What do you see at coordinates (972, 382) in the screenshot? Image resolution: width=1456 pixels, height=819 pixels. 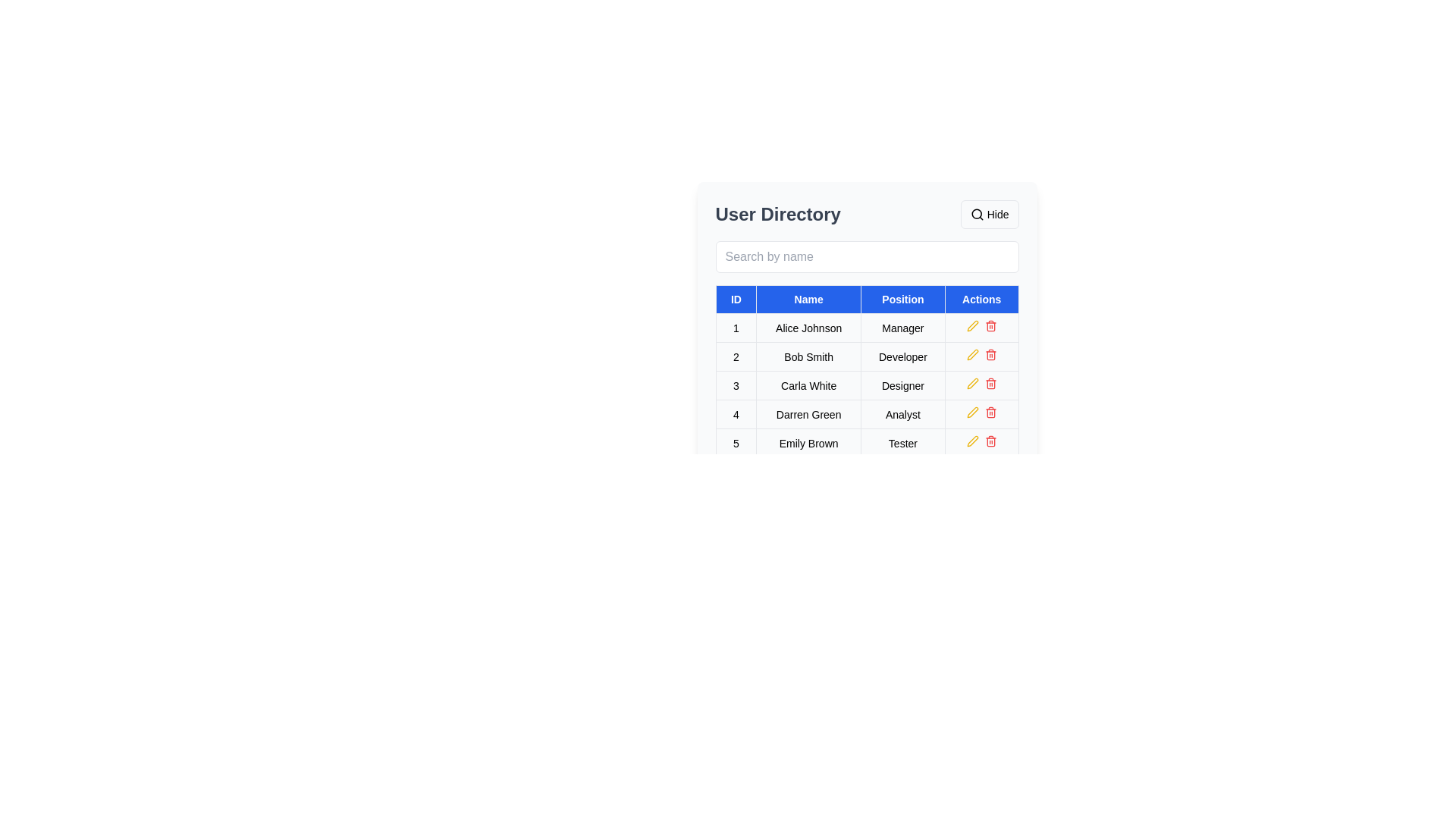 I see `the edit button (pen icon) in the Actions column of the table row for the user Carla White to initiate editing` at bounding box center [972, 382].